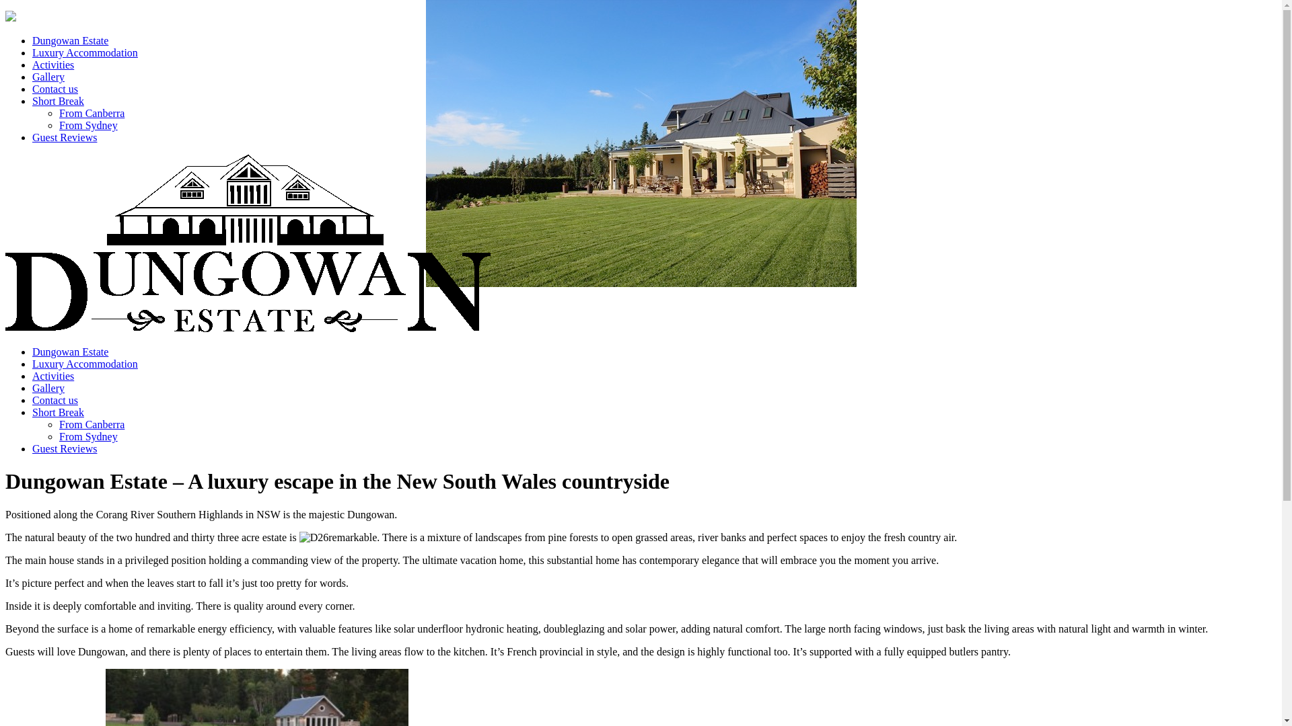 The image size is (1292, 726). What do you see at coordinates (48, 388) in the screenshot?
I see `'Gallery'` at bounding box center [48, 388].